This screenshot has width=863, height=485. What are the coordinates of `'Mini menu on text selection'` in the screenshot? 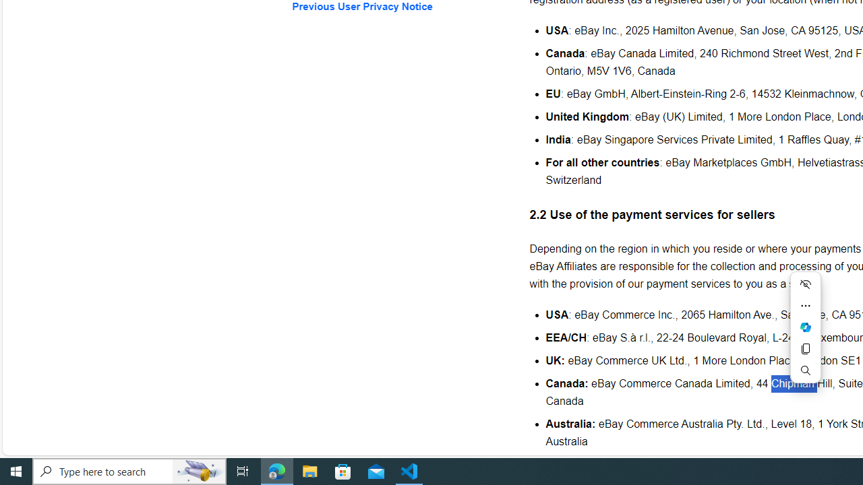 It's located at (805, 335).